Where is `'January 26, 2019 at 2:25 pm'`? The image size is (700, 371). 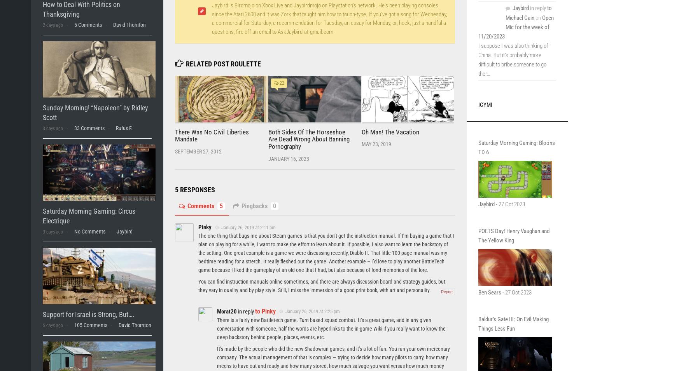 'January 26, 2019 at 2:25 pm' is located at coordinates (285, 311).